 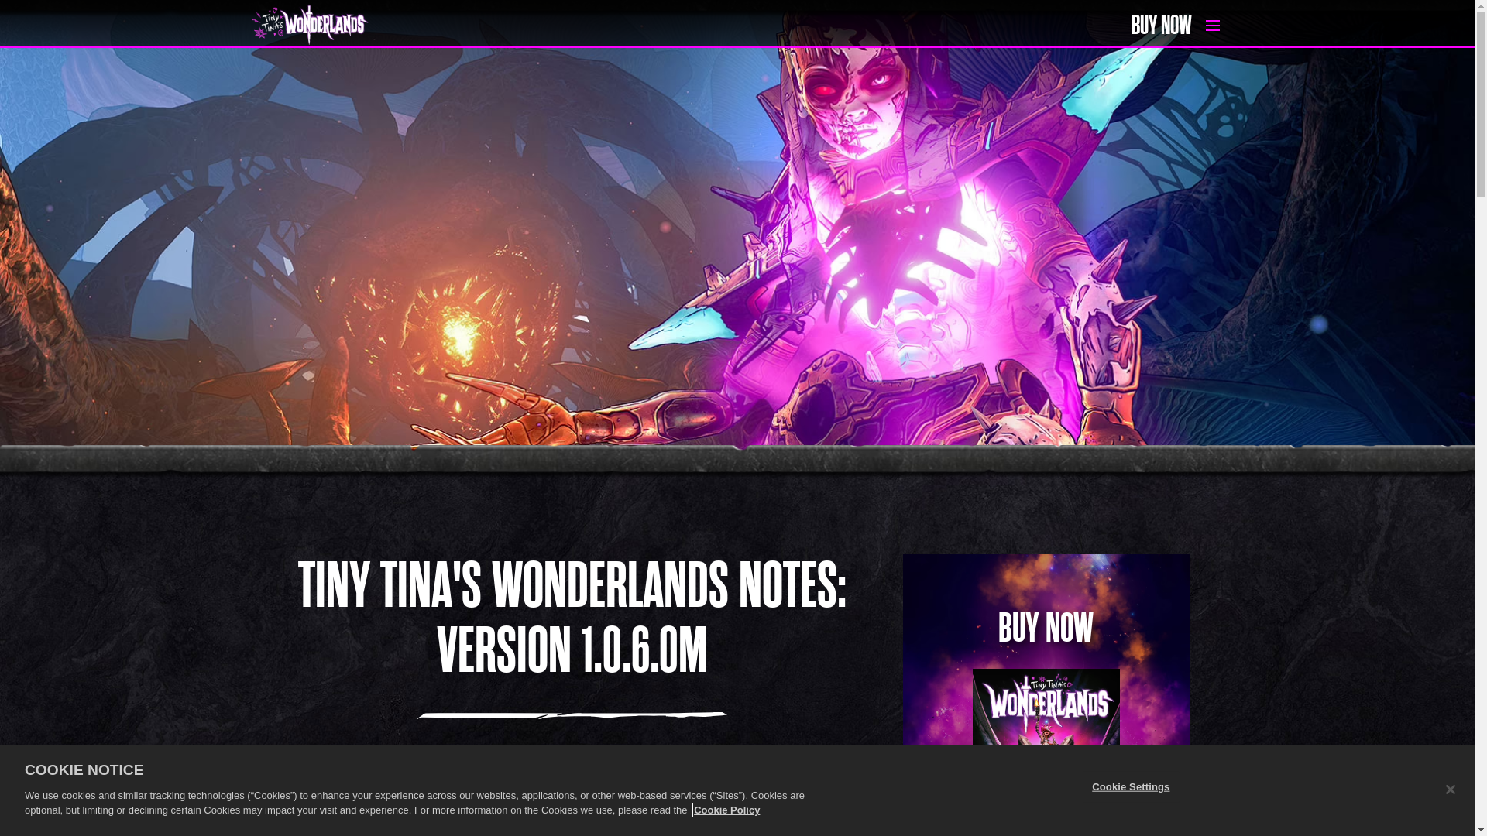 What do you see at coordinates (1081, 786) in the screenshot?
I see `'Cookie Settings'` at bounding box center [1081, 786].